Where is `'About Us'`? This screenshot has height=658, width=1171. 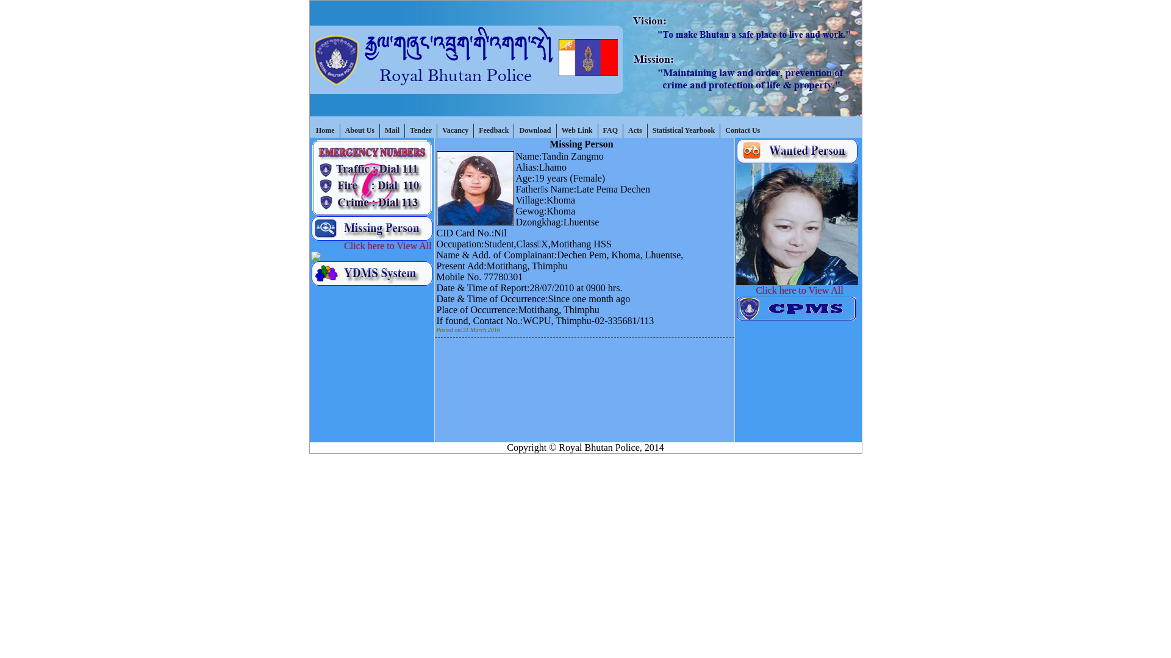 'About Us' is located at coordinates (359, 130).